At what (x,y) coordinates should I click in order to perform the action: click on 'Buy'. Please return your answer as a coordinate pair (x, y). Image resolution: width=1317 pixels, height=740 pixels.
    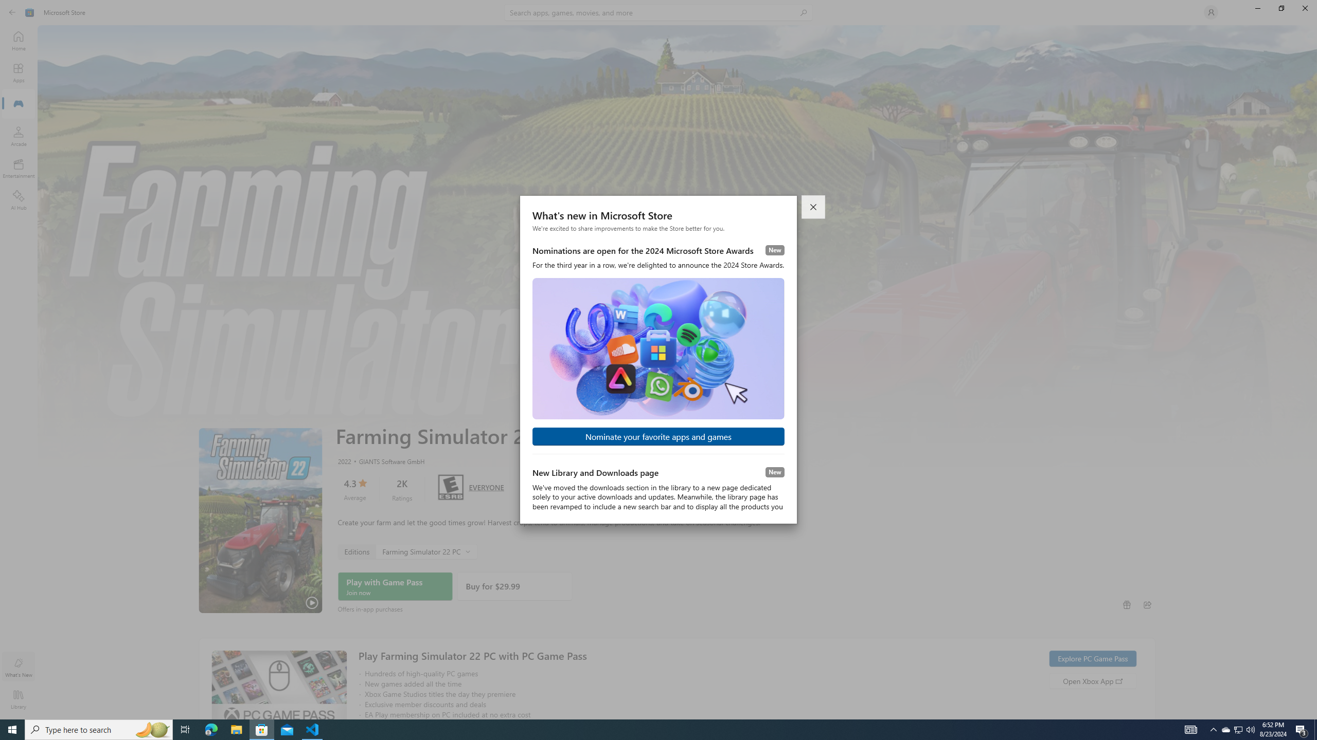
    Looking at the image, I should click on (513, 586).